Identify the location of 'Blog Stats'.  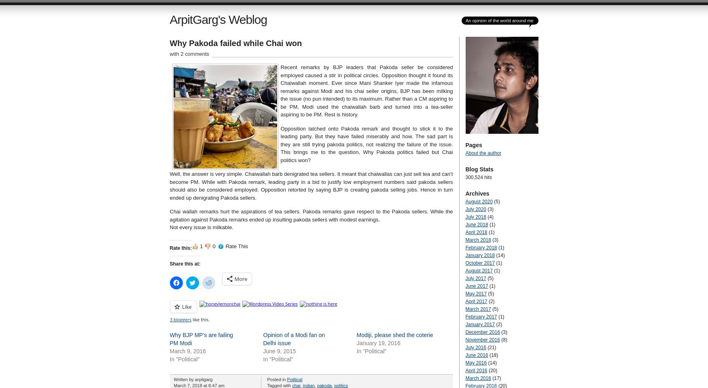
(479, 169).